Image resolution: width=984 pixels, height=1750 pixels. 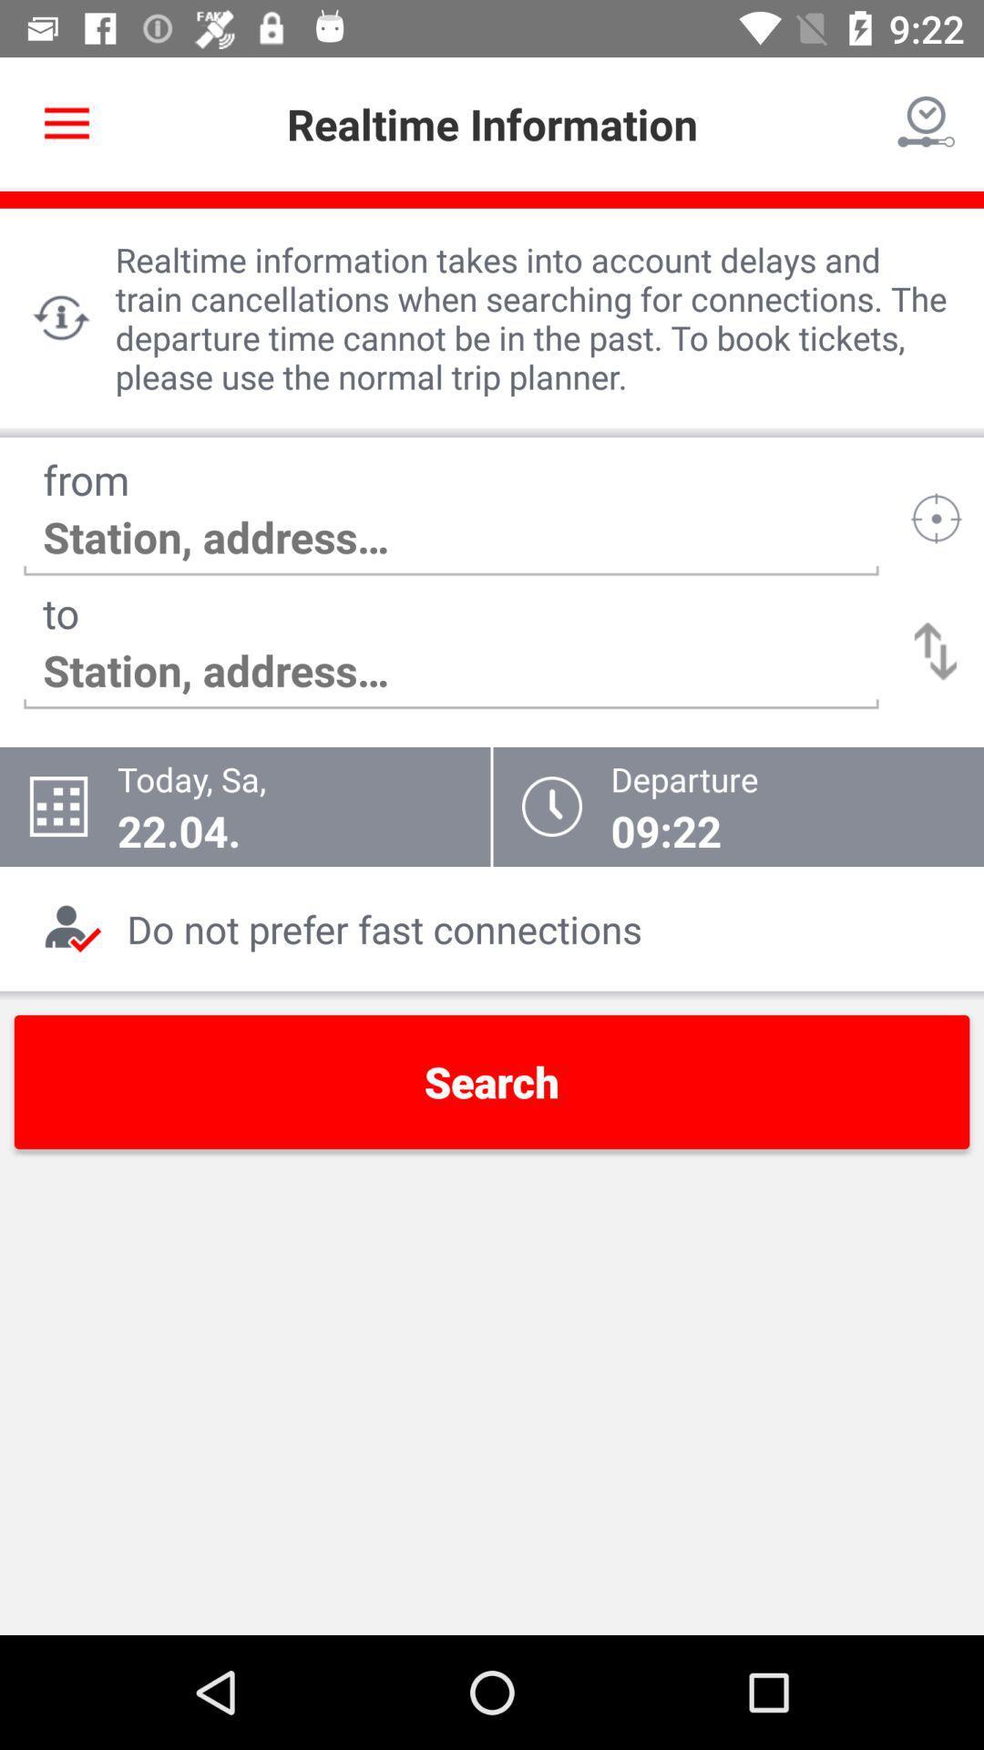 I want to click on field stationaddress below from, so click(x=451, y=537).